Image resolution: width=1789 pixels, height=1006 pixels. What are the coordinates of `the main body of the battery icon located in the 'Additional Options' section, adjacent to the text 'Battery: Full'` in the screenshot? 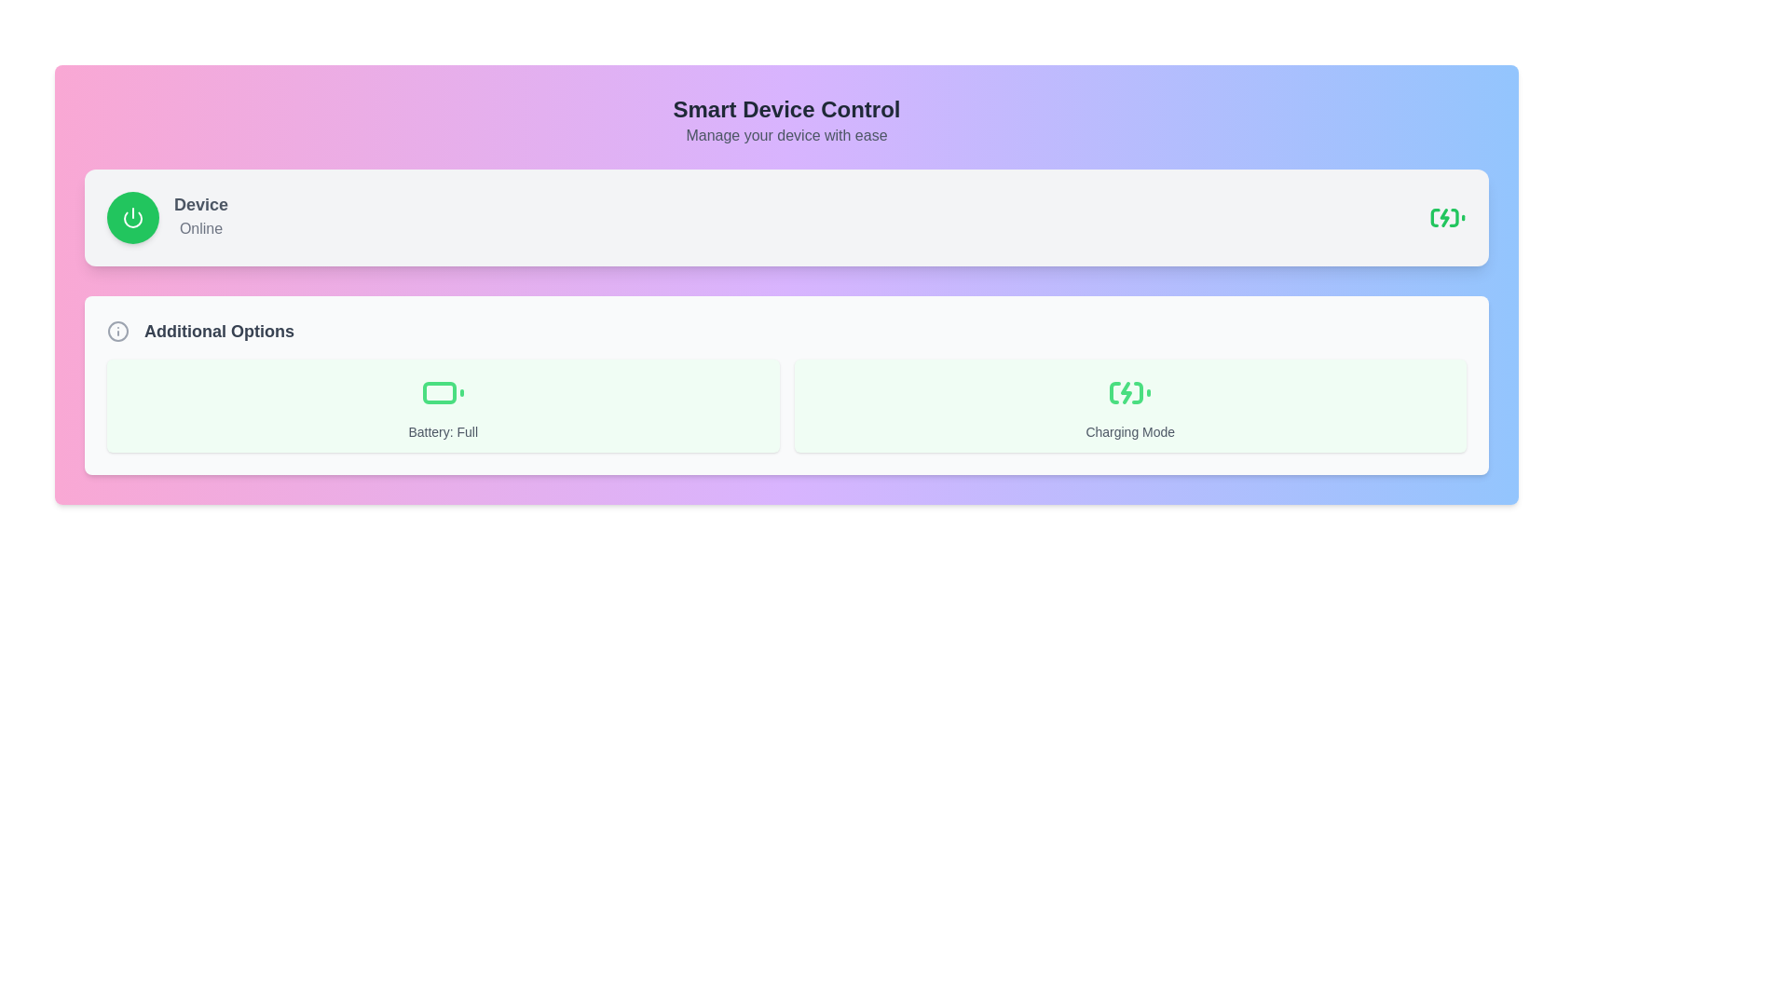 It's located at (438, 391).